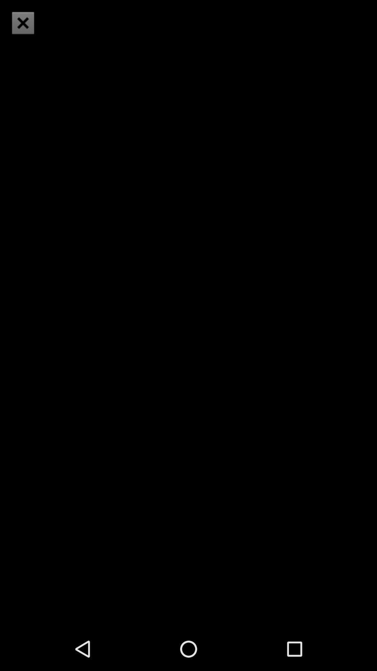 The height and width of the screenshot is (671, 377). I want to click on the item at the top left corner, so click(22, 23).